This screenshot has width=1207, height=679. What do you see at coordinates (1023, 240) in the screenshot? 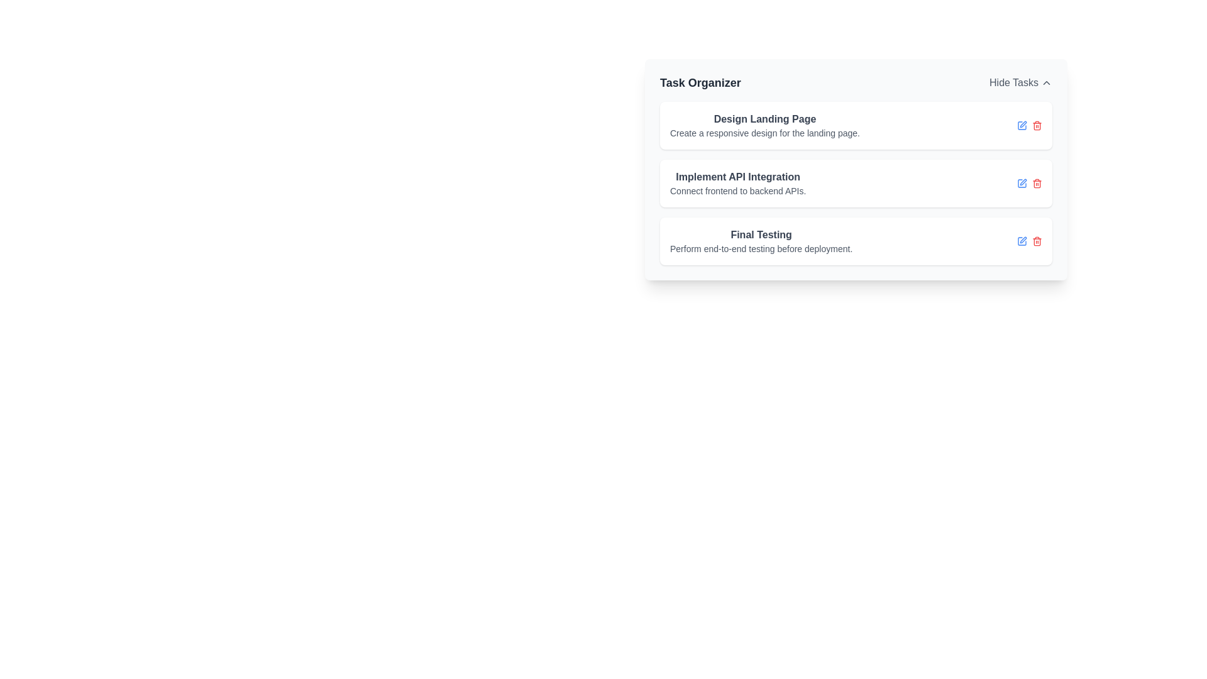
I see `the edit icon (a blue pen icon) located at the end of the entry for the task 'Final Testing' in the task list` at bounding box center [1023, 240].